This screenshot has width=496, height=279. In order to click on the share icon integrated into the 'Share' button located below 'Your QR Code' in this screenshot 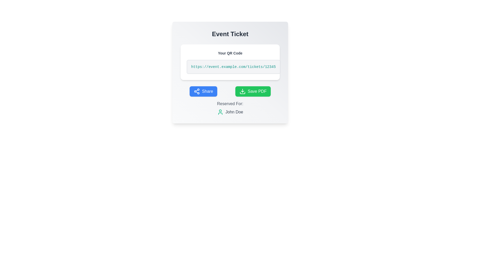, I will do `click(197, 91)`.